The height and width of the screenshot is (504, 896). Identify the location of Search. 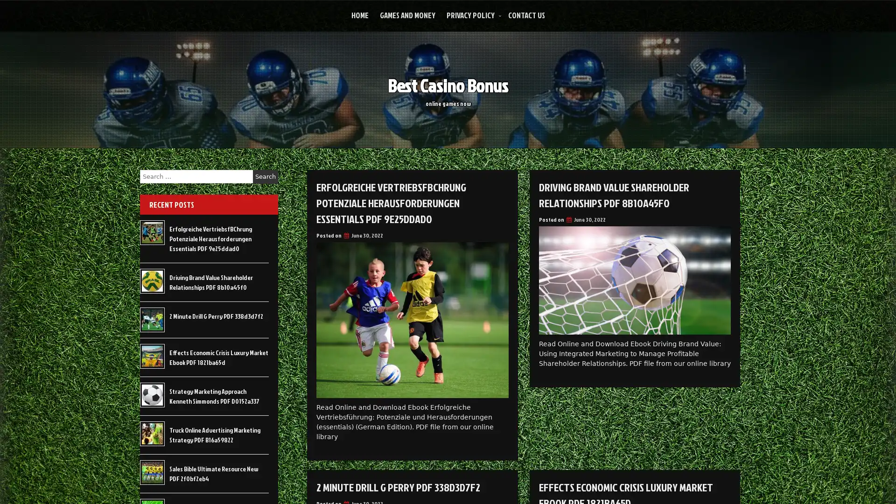
(265, 176).